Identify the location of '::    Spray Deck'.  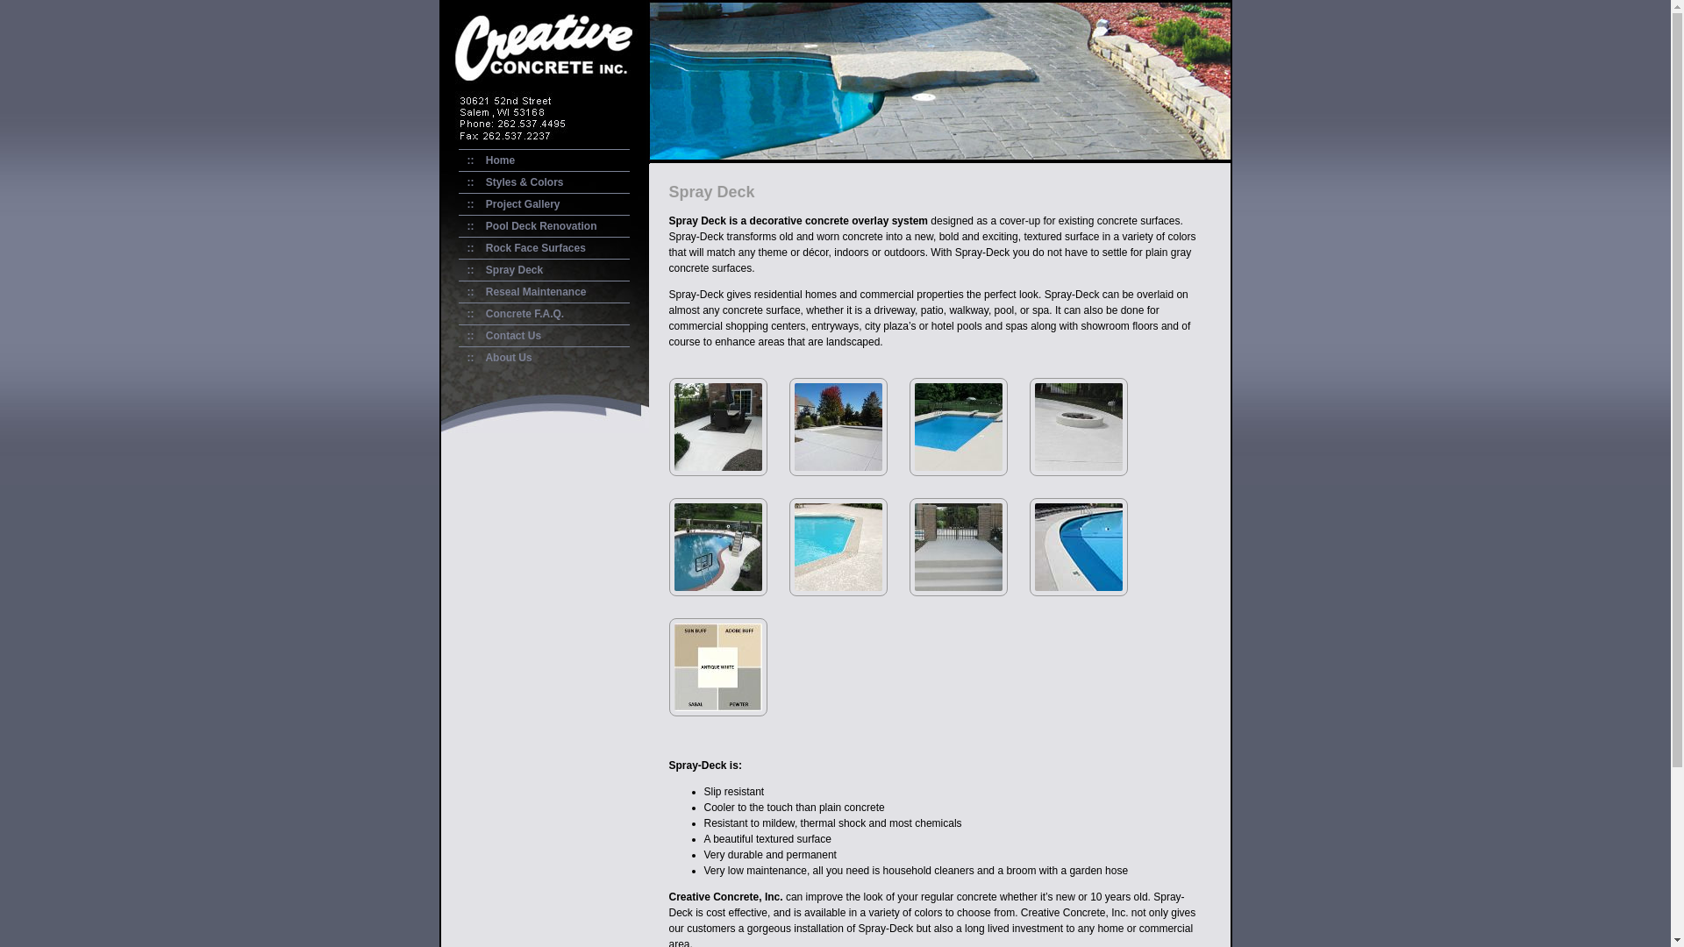
(499, 270).